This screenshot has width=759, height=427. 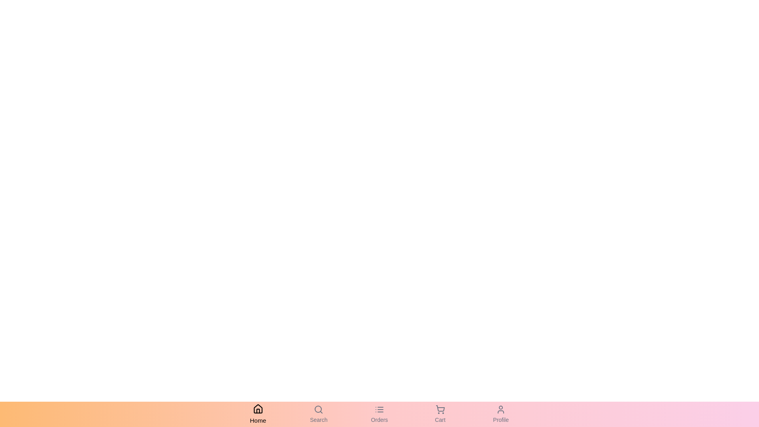 I want to click on the Cart navigation tab, so click(x=440, y=414).